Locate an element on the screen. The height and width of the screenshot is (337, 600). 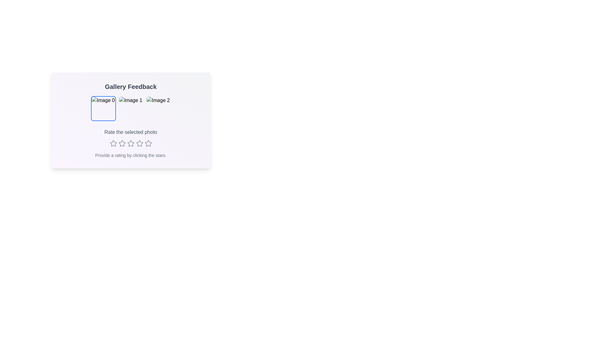
the group of clickable image thumbnails located in the 'Gallery Feedback' section to trigger hover effects is located at coordinates (130, 108).